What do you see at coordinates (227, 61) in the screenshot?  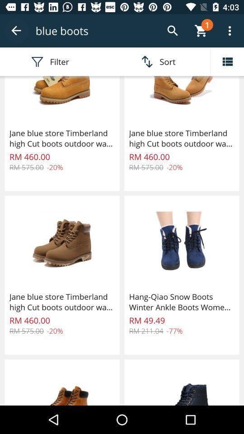 I see `open menu` at bounding box center [227, 61].